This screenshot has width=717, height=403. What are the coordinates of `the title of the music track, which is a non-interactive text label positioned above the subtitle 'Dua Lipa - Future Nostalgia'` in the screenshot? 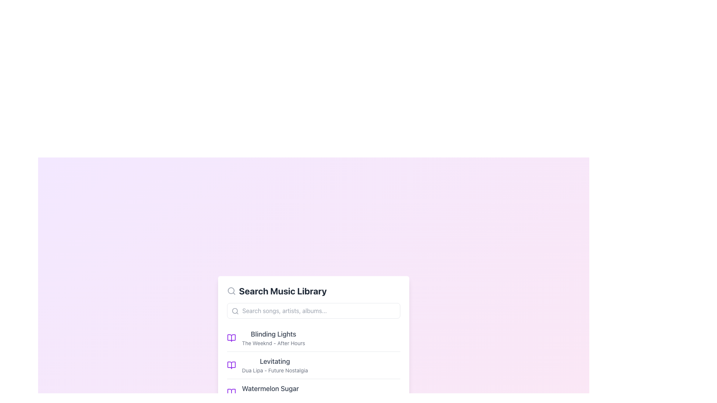 It's located at (274, 361).